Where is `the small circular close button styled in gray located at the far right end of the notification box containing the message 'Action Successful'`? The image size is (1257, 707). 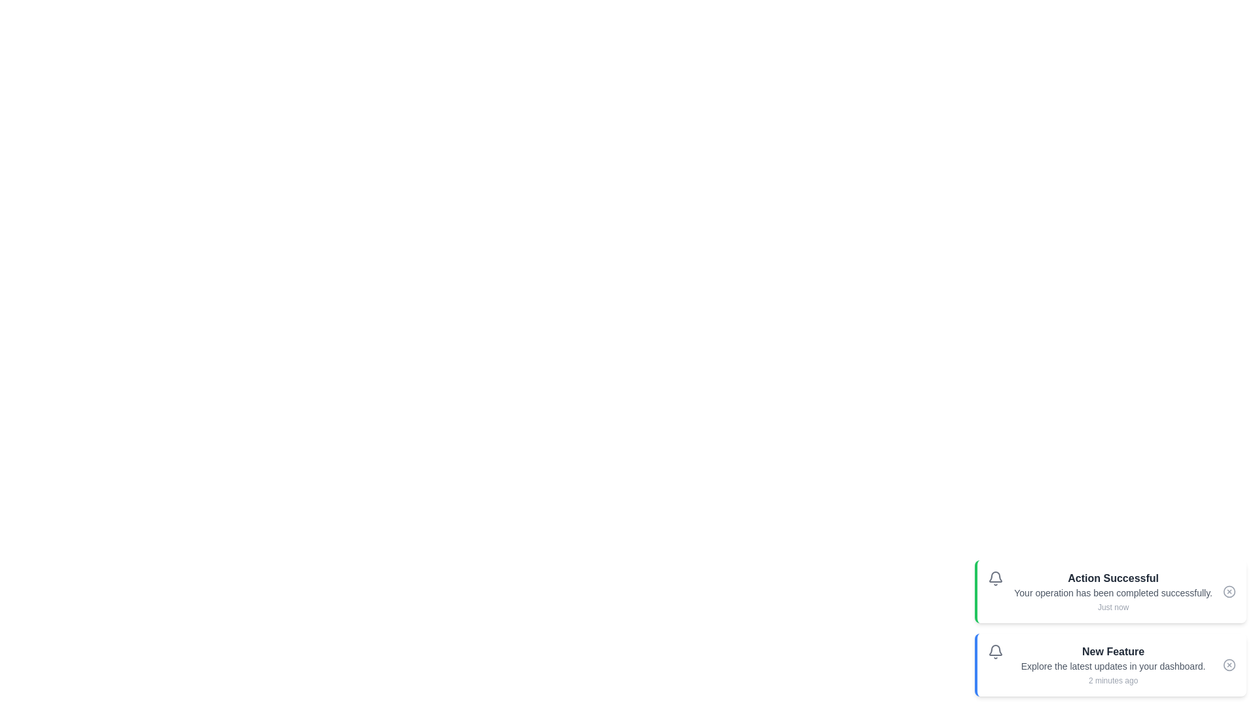
the small circular close button styled in gray located at the far right end of the notification box containing the message 'Action Successful' is located at coordinates (1228, 591).